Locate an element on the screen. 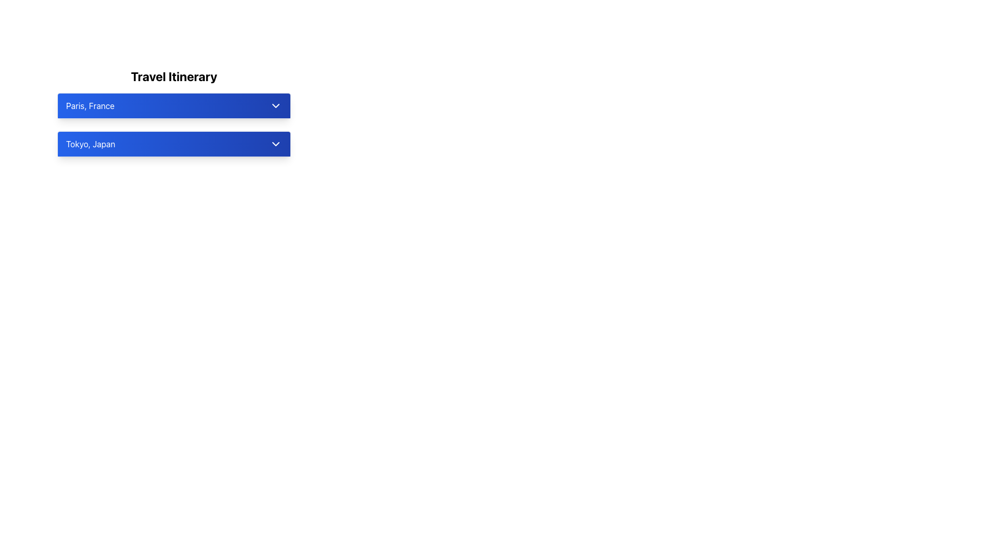 The height and width of the screenshot is (558, 992). the Dropdown trigger button labeled 'Tokyo, Japan' is located at coordinates (174, 144).